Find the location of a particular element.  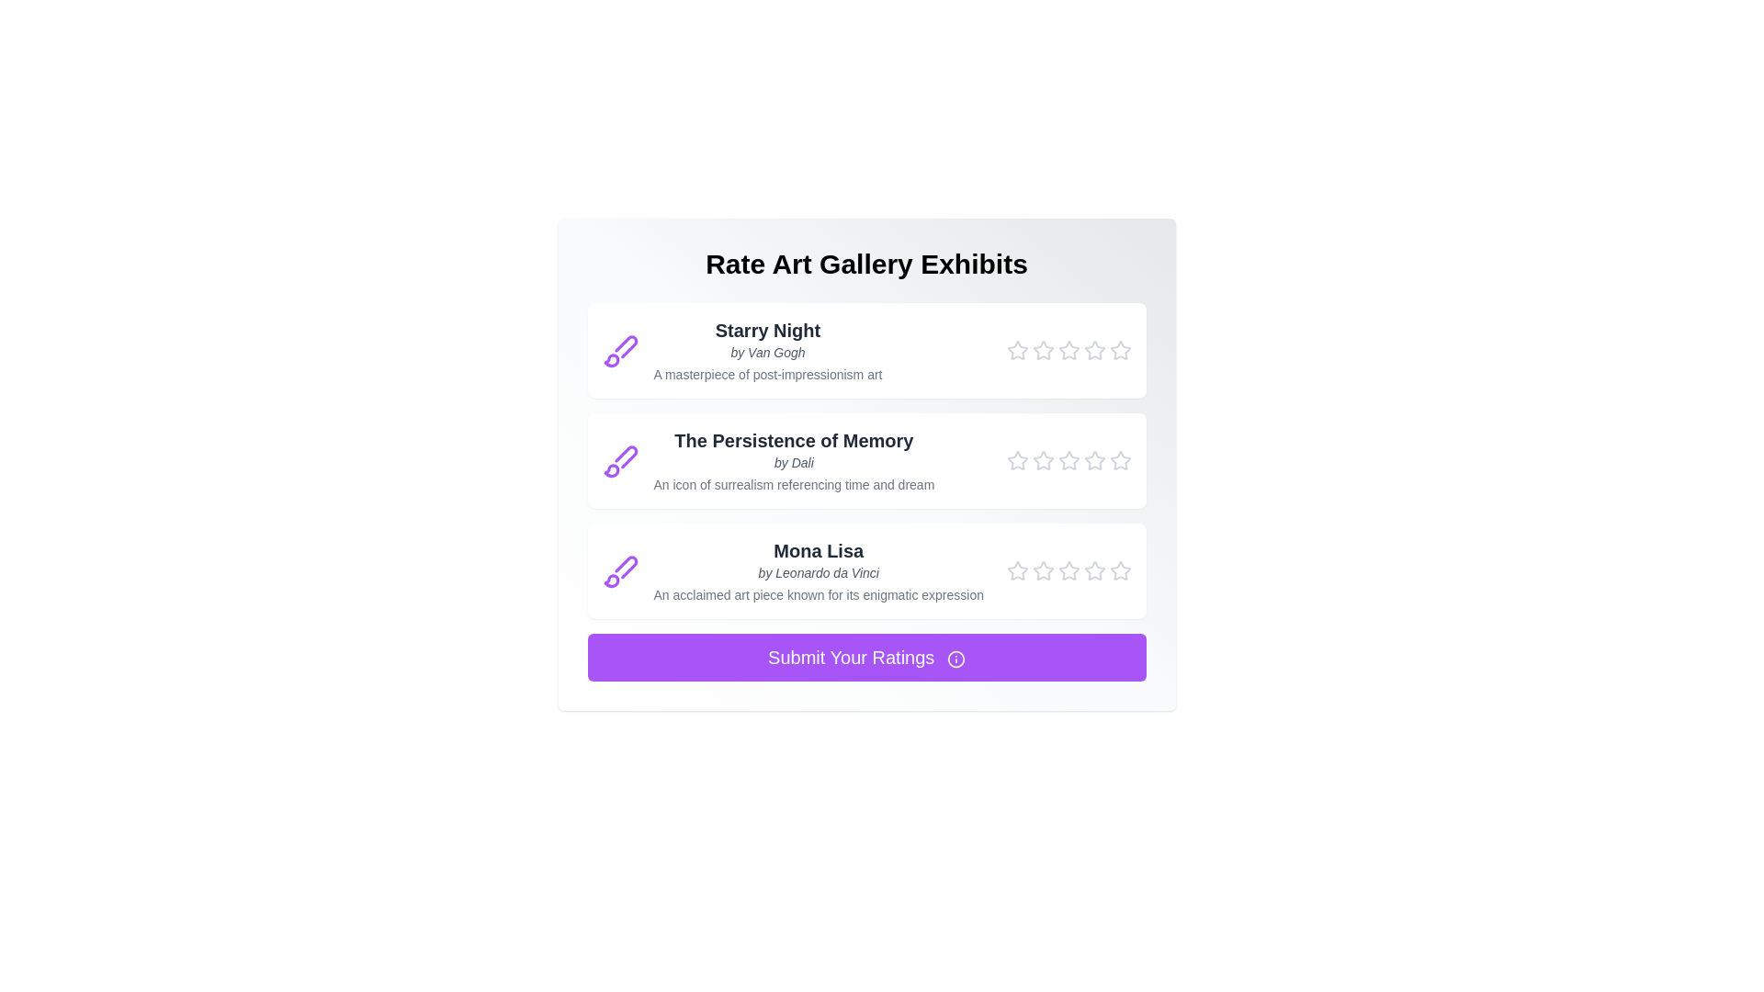

the star corresponding to 4 for the painting titled The Persistence of Memory to set its rating is located at coordinates (1094, 459).